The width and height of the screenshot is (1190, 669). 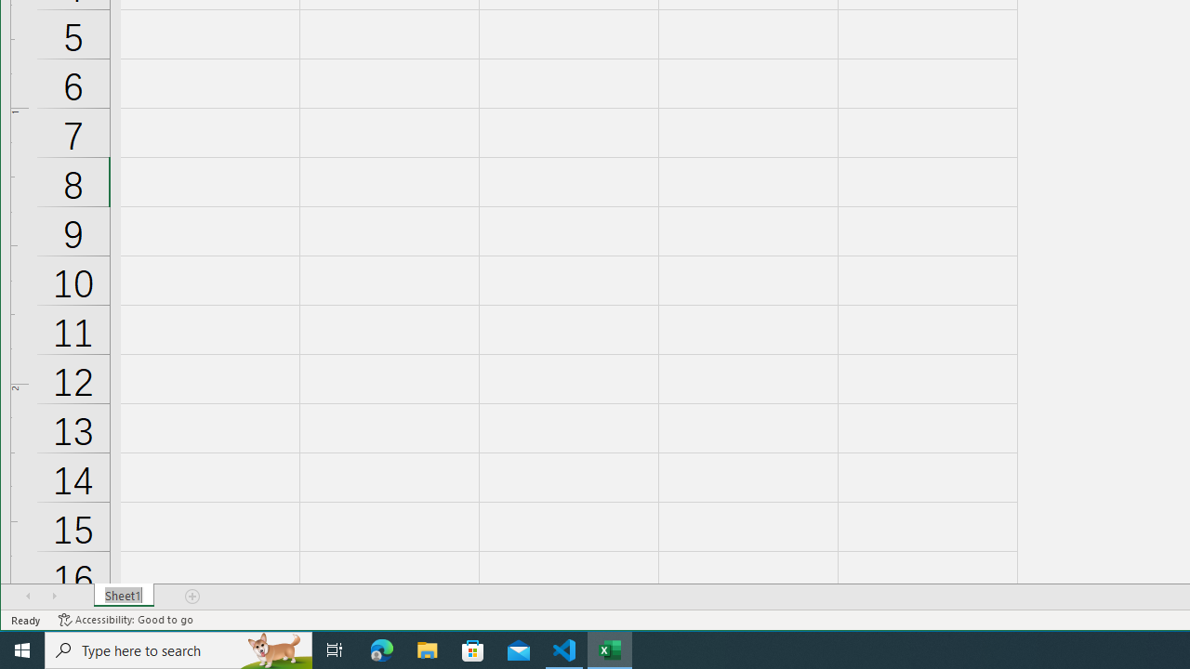 What do you see at coordinates (178, 649) in the screenshot?
I see `'Type here to search'` at bounding box center [178, 649].